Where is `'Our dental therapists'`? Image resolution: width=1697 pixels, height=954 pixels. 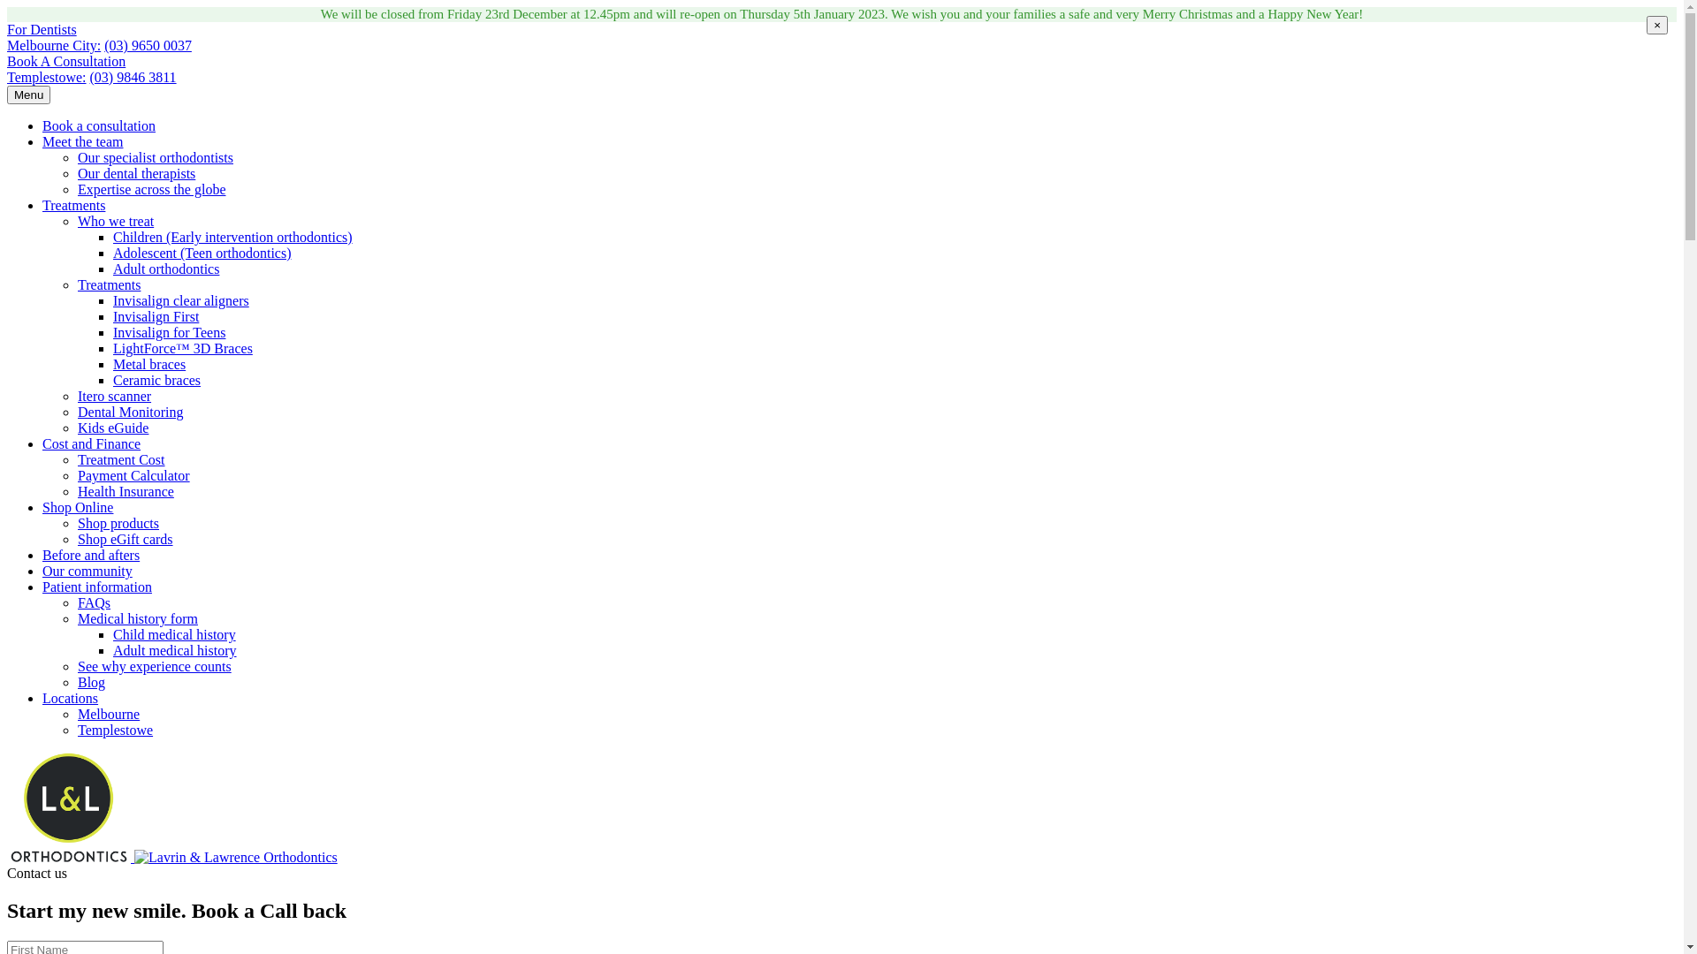 'Our dental therapists' is located at coordinates (135, 173).